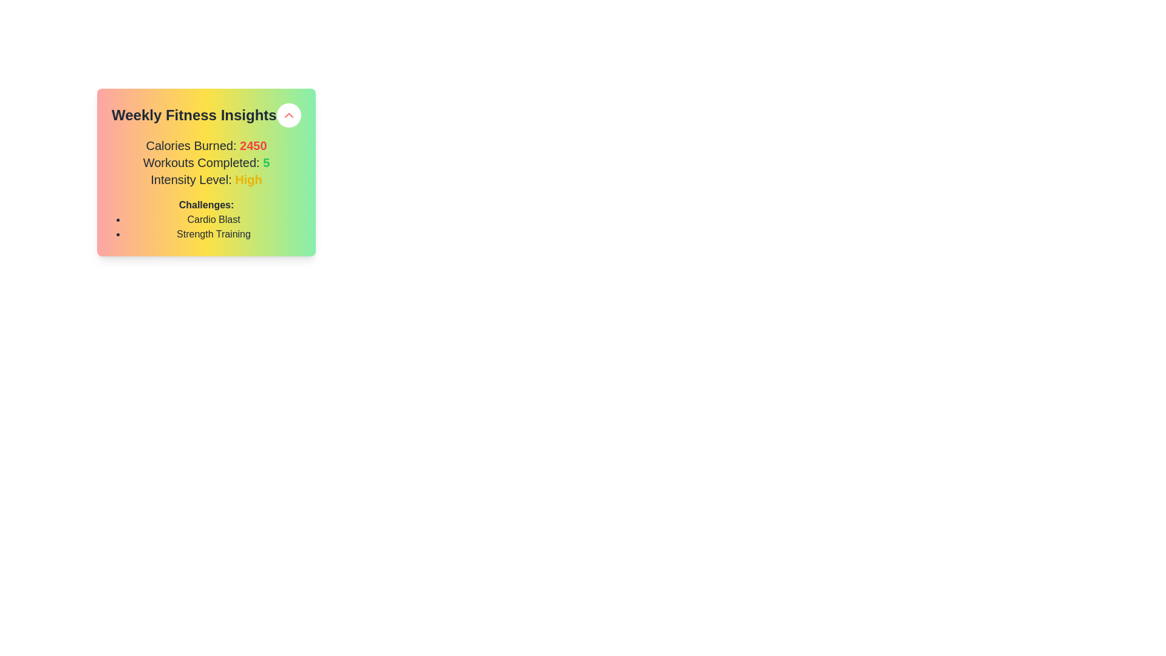 This screenshot has width=1166, height=656. I want to click on the static text heading located centrally below the fitness metrics and above the bulleted list, so click(206, 205).